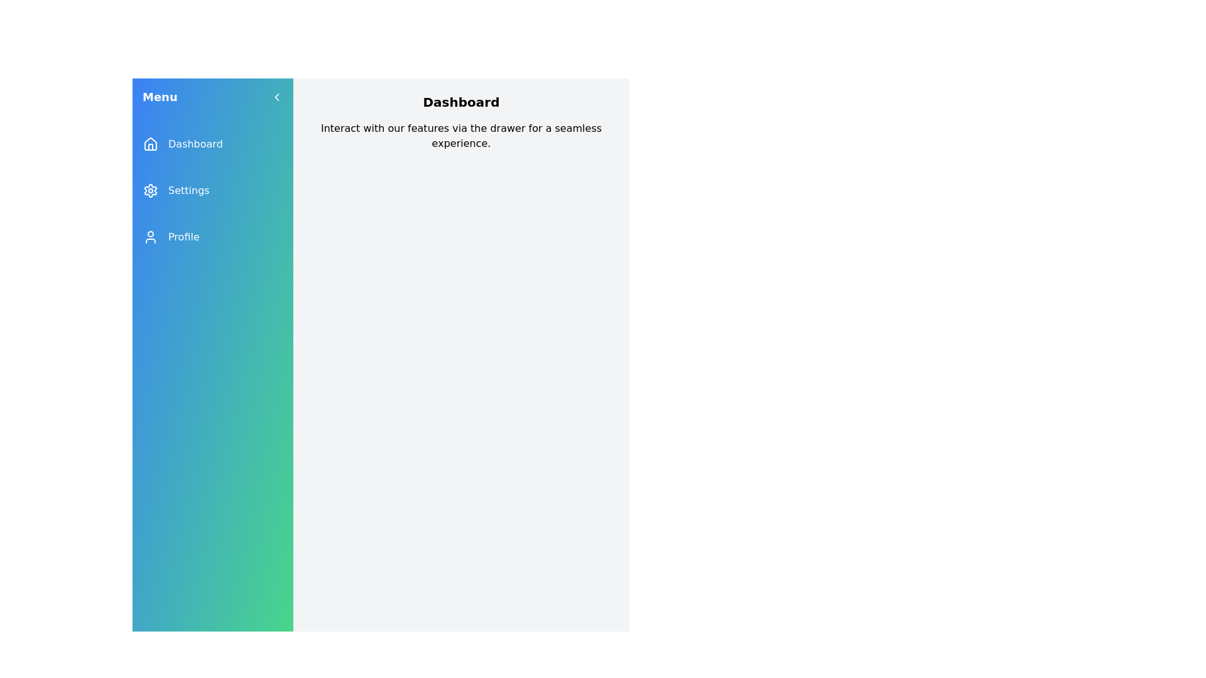  What do you see at coordinates (213, 191) in the screenshot?
I see `the menu item Settings to navigate` at bounding box center [213, 191].